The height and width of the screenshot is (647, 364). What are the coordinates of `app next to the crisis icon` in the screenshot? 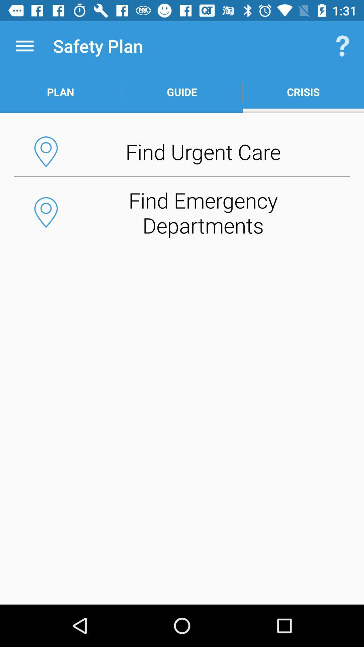 It's located at (182, 92).